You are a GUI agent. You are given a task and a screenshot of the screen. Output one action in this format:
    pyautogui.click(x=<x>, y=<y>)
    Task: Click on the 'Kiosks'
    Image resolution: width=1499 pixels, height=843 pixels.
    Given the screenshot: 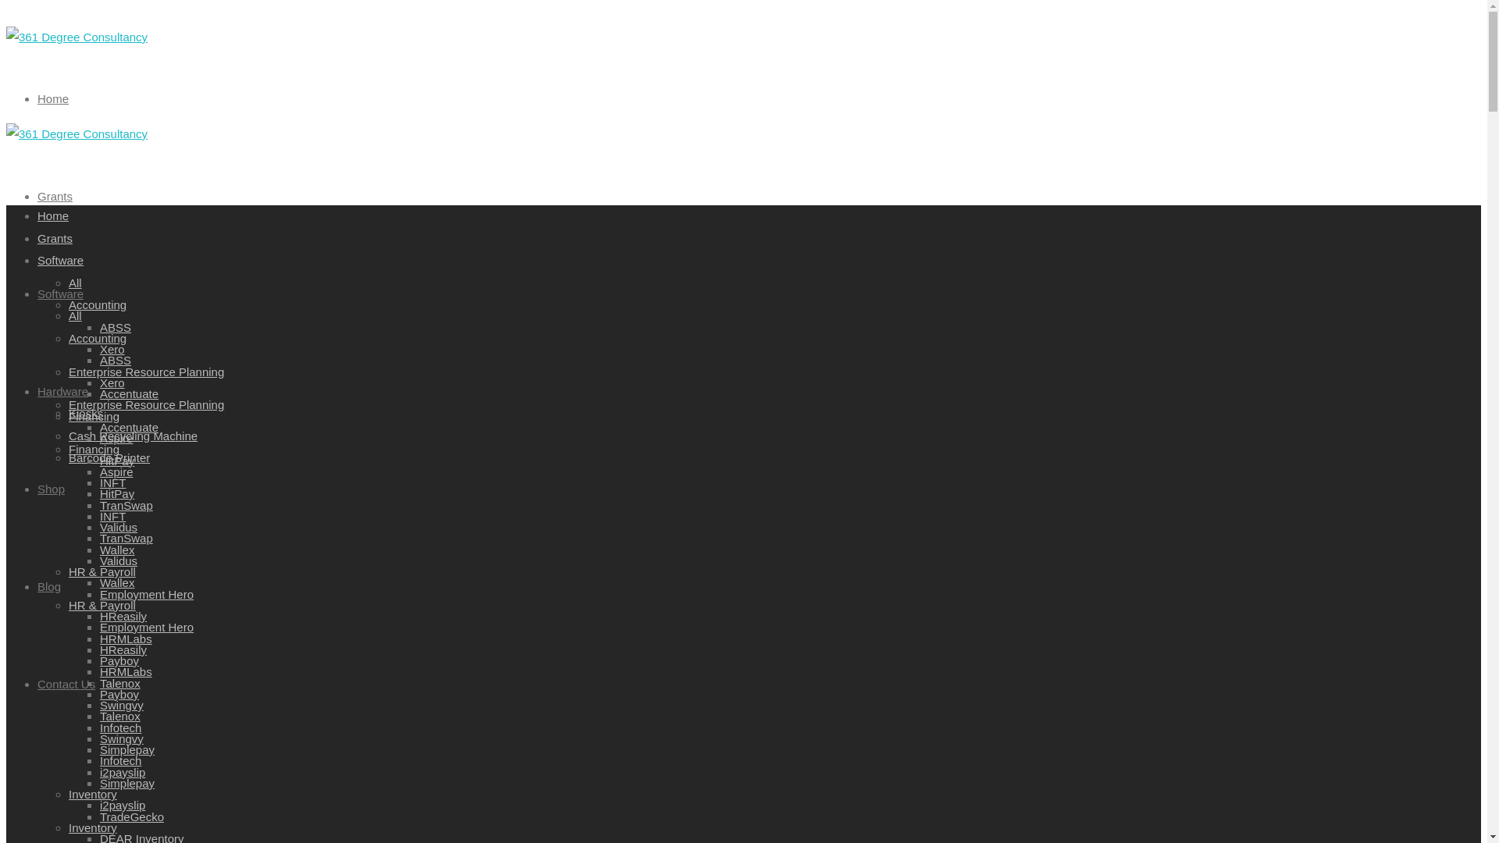 What is the action you would take?
    pyautogui.click(x=85, y=412)
    